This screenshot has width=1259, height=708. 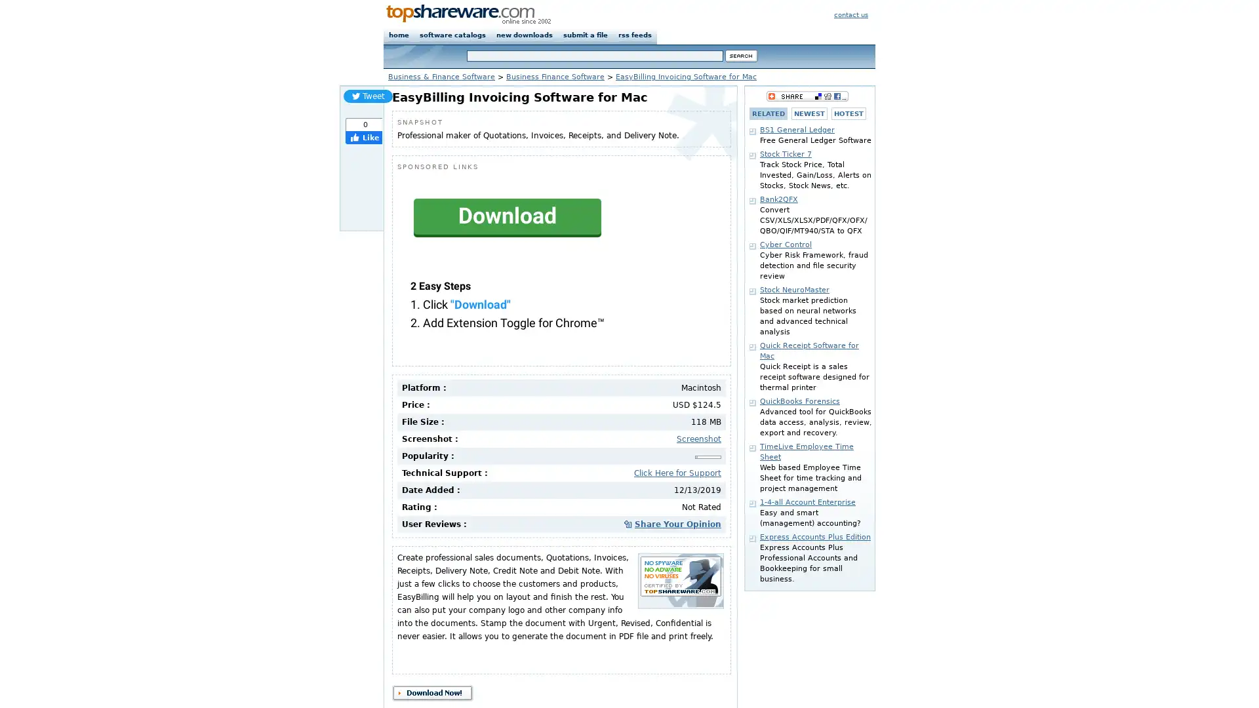 I want to click on Search, so click(x=742, y=55).